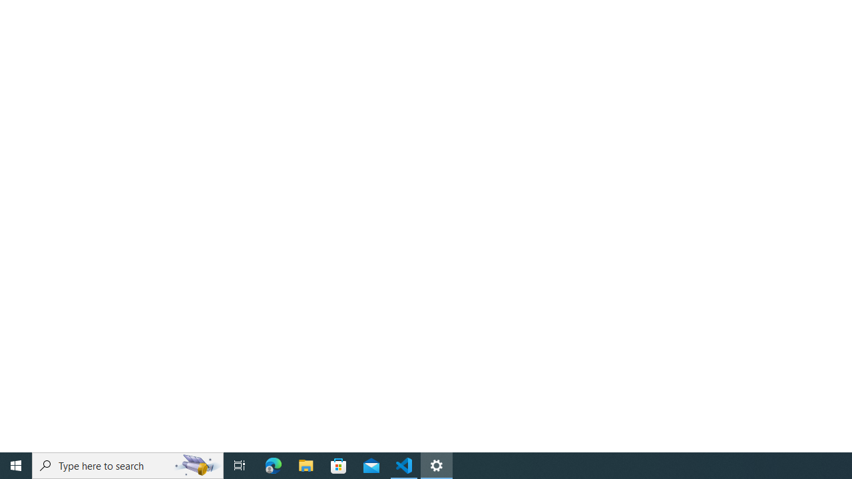 Image resolution: width=852 pixels, height=479 pixels. I want to click on 'Search highlights icon opens search home window', so click(196, 464).